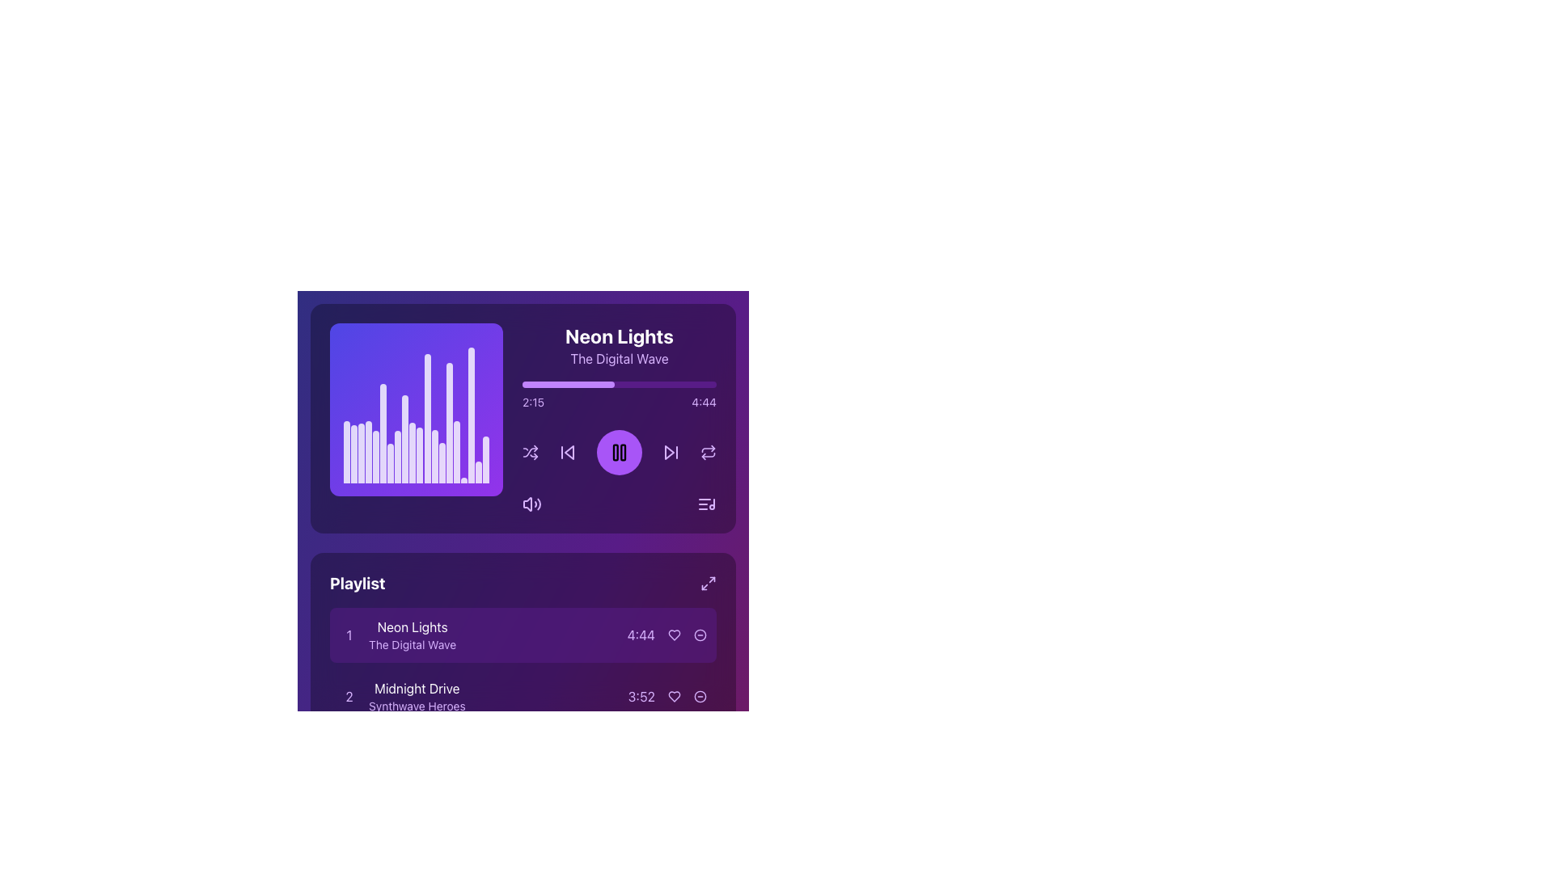 This screenshot has height=873, width=1553. What do you see at coordinates (383, 432) in the screenshot?
I see `the sixth vertical audio visualization bar, which is white with an opacity effect and has a rounded top, located within the audio visualization component of the music player interface` at bounding box center [383, 432].